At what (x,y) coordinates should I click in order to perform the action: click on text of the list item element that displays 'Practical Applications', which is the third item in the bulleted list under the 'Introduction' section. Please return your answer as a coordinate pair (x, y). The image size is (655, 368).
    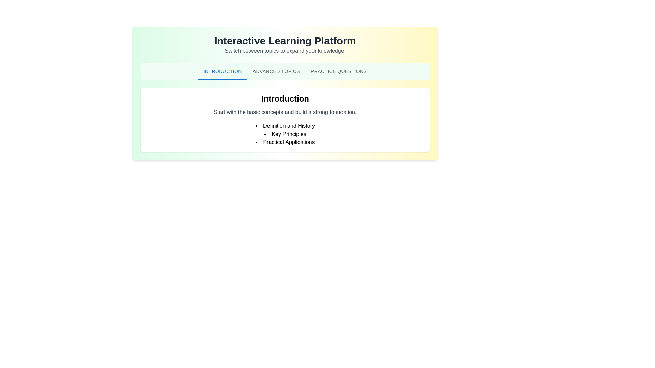
    Looking at the image, I should click on (285, 142).